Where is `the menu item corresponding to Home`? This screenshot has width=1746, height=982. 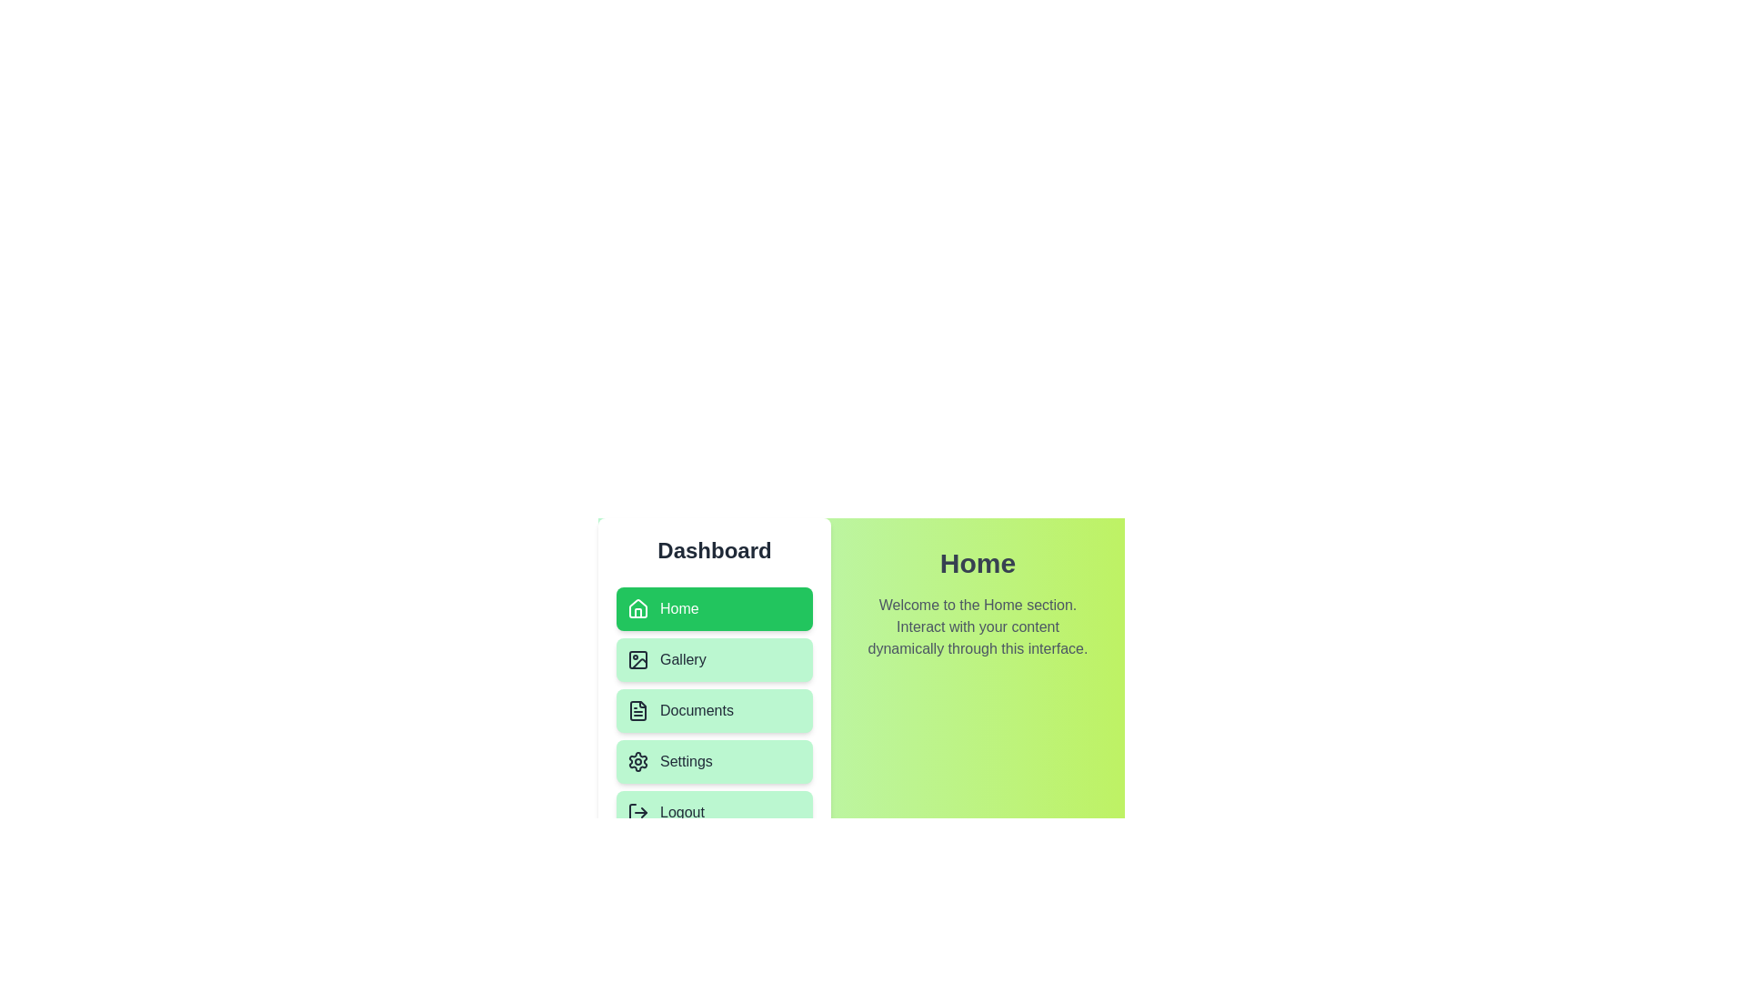 the menu item corresponding to Home is located at coordinates (714, 609).